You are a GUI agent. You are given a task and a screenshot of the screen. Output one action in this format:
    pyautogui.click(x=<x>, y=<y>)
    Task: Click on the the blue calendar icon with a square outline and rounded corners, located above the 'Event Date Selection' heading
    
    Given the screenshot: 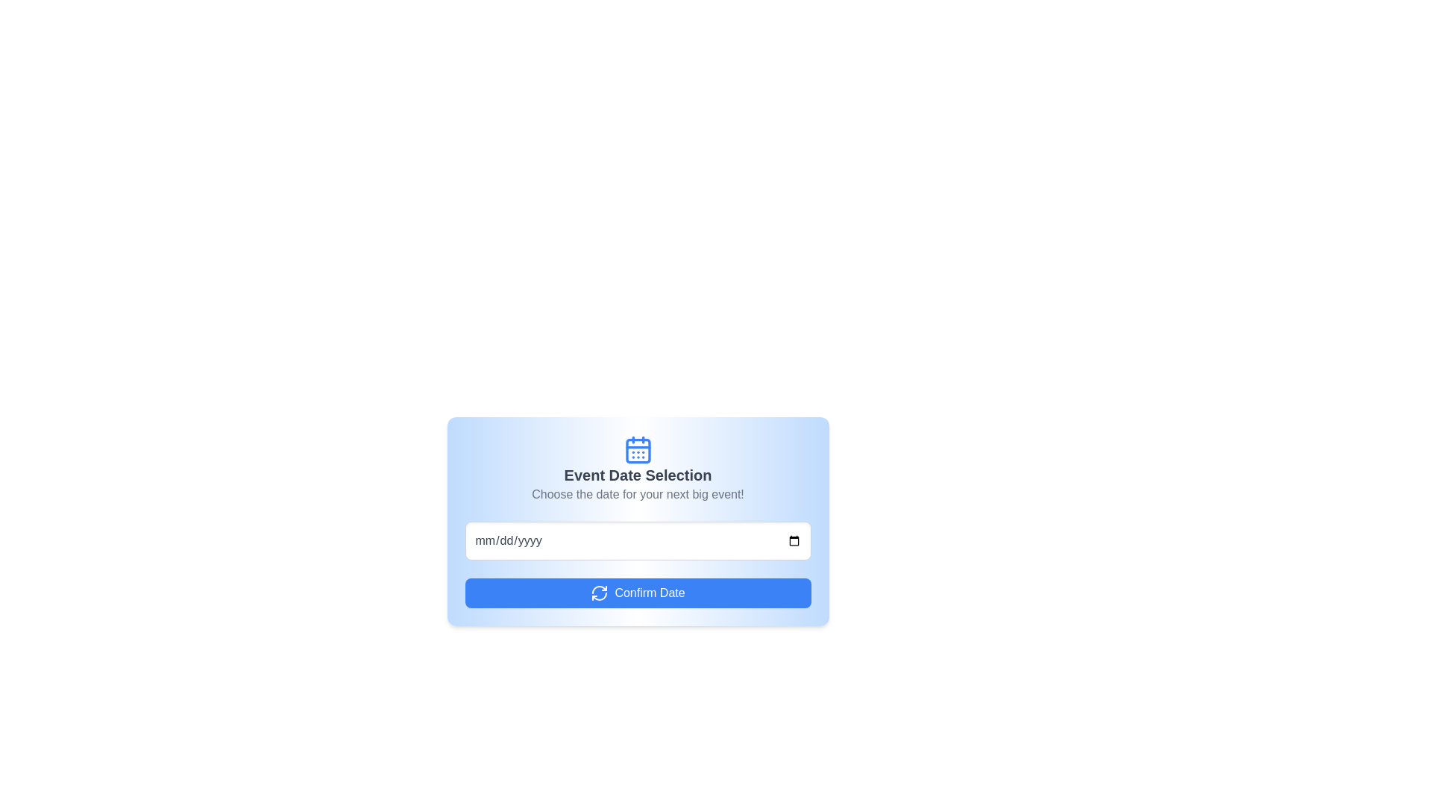 What is the action you would take?
    pyautogui.click(x=638, y=449)
    